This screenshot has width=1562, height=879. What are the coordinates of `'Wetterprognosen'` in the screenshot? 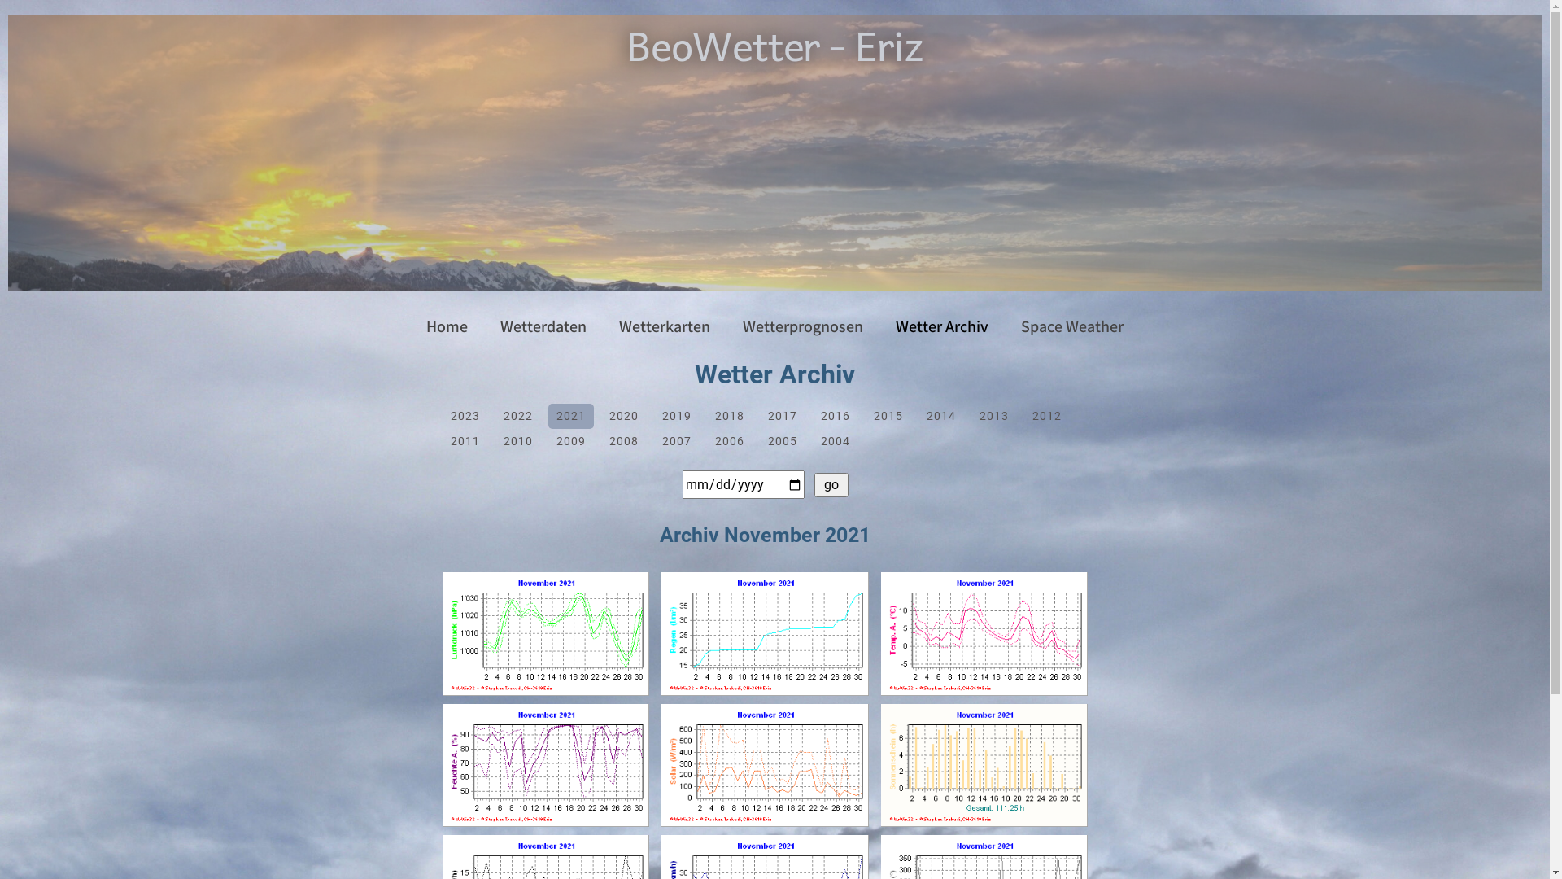 It's located at (803, 326).